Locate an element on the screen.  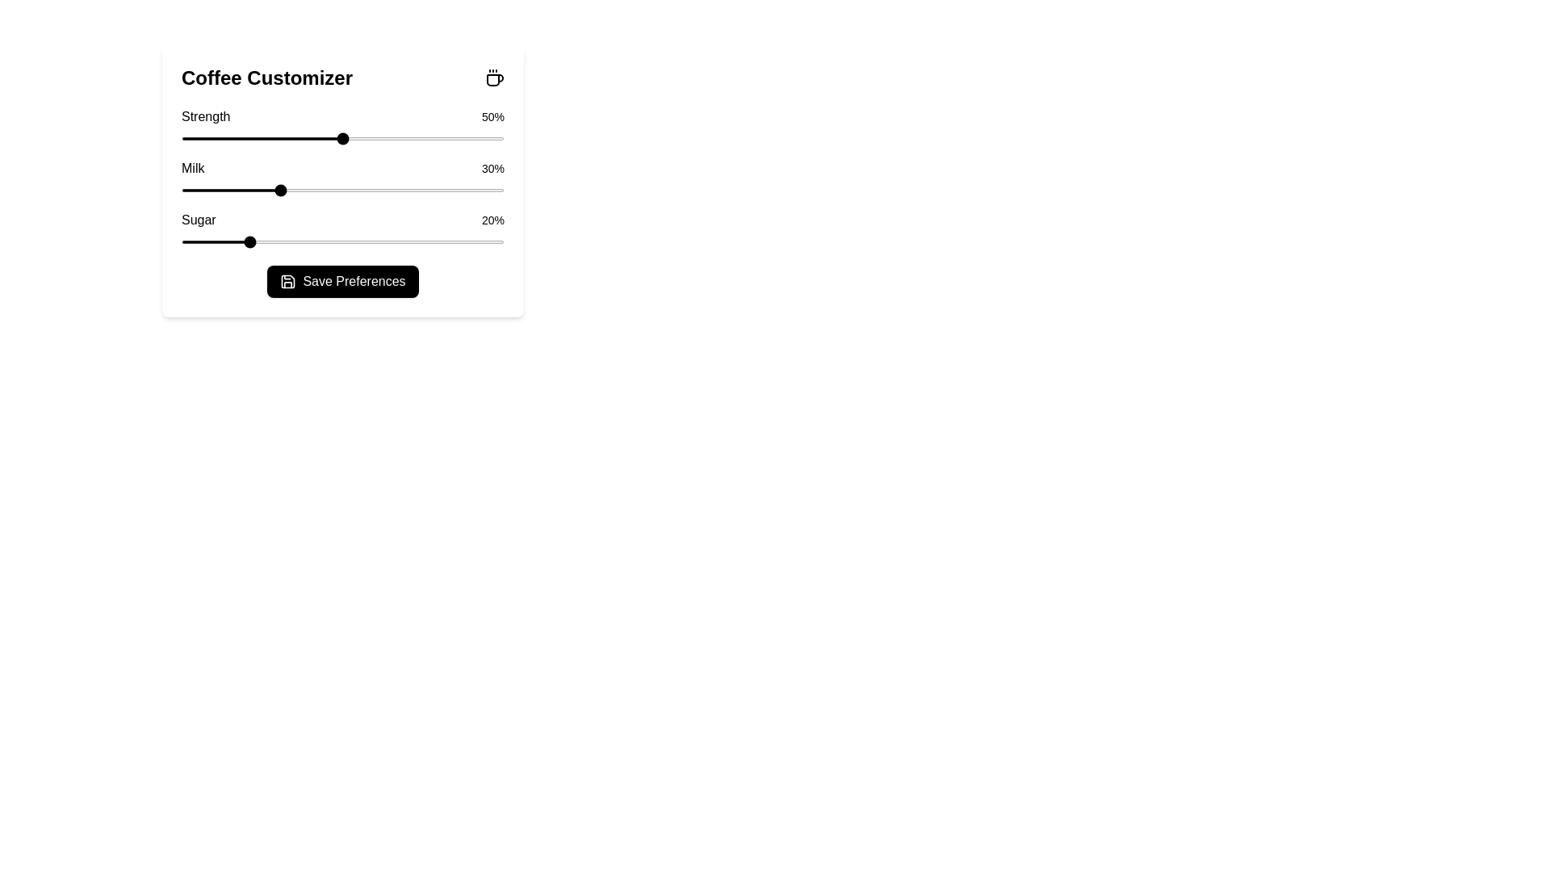
the sugar level is located at coordinates (209, 242).